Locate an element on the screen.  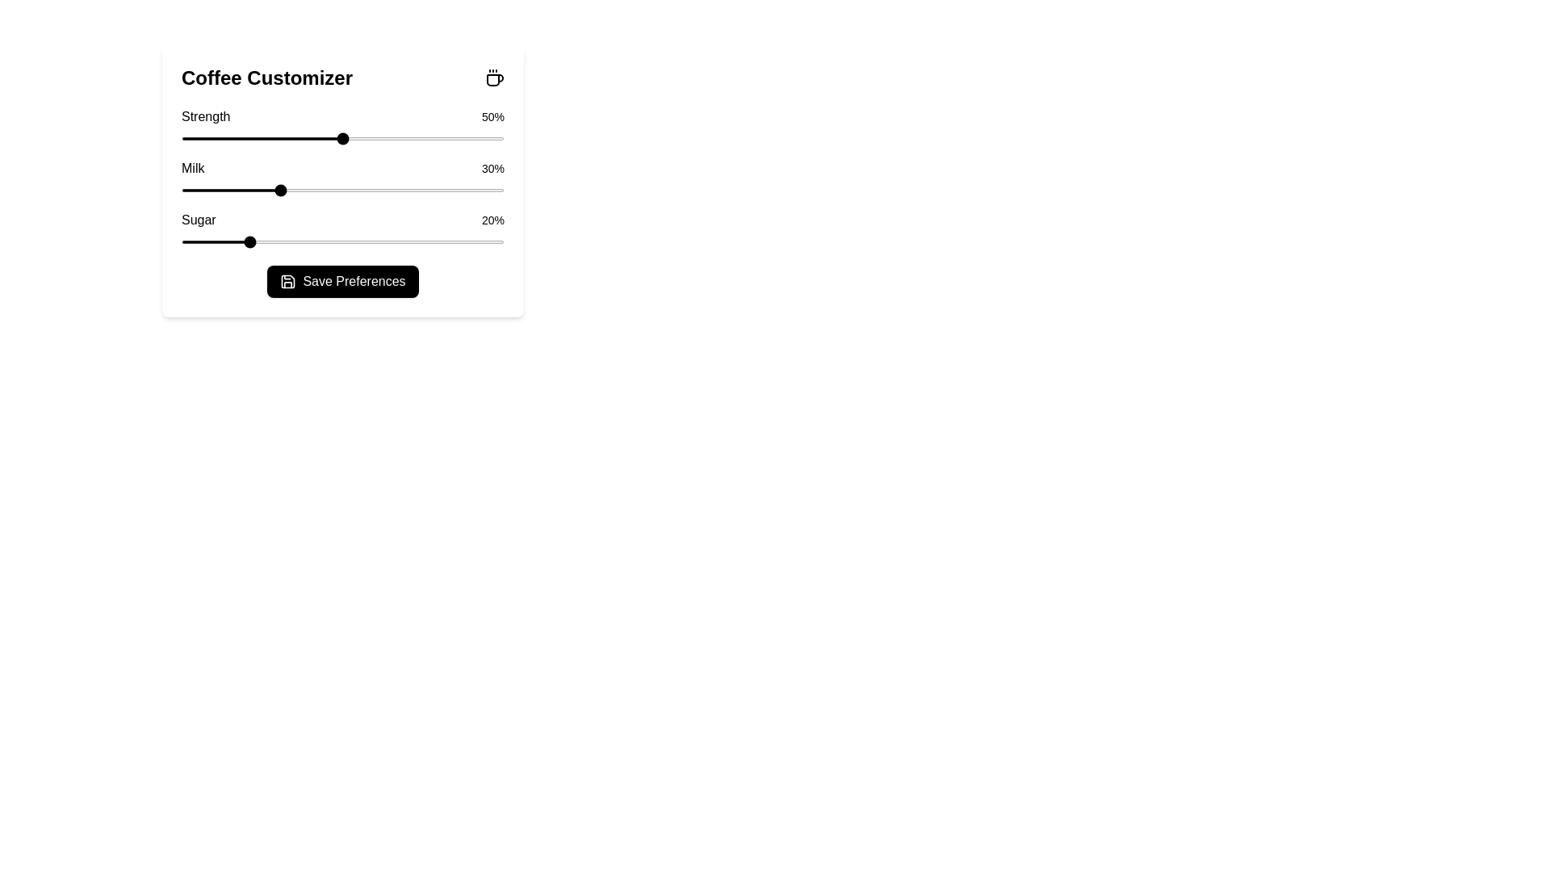
the sugar level is located at coordinates (209, 242).